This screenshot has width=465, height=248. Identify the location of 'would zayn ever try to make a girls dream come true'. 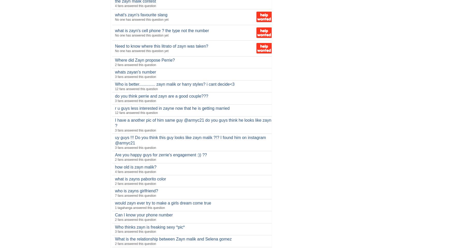
(163, 203).